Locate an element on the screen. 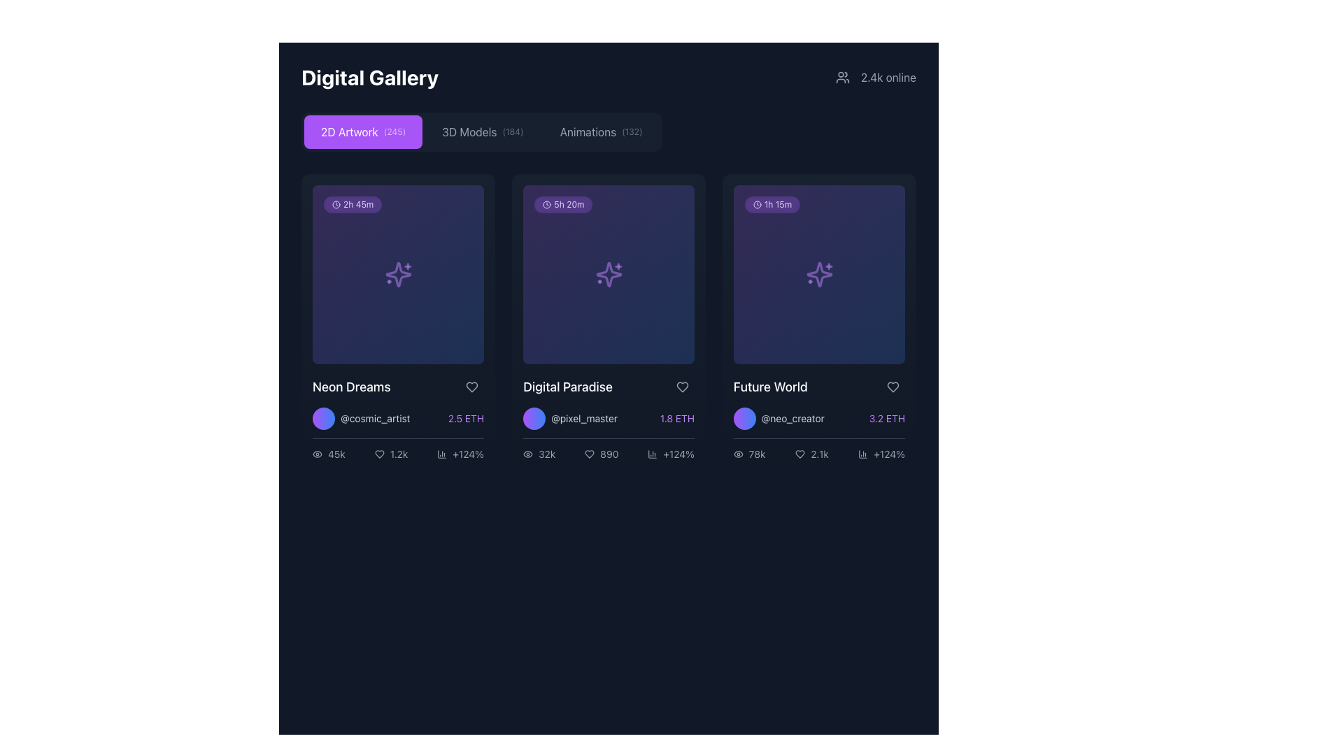  the username '@cosmic_artist' is located at coordinates (361, 417).